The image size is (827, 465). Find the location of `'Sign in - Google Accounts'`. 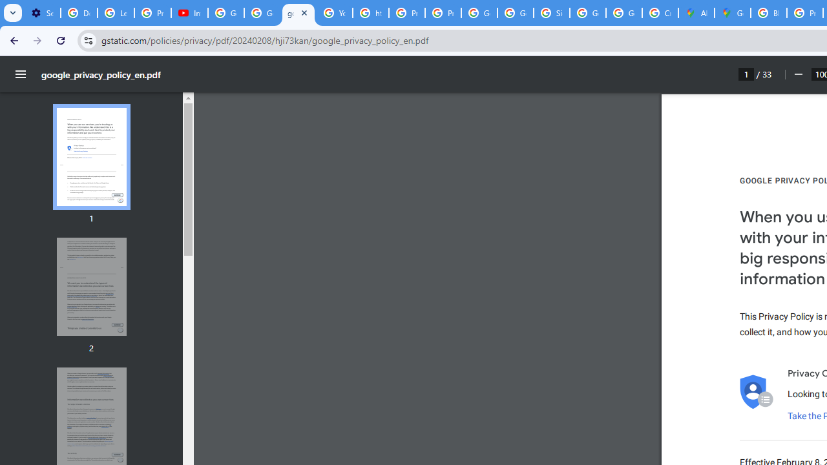

'Sign in - Google Accounts' is located at coordinates (551, 13).